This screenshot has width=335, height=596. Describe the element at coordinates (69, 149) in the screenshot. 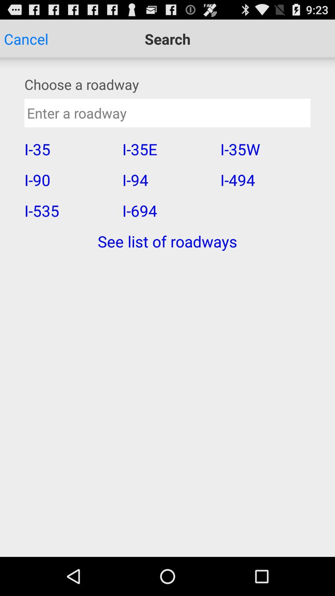

I see `the app to the left of i-35e icon` at that location.